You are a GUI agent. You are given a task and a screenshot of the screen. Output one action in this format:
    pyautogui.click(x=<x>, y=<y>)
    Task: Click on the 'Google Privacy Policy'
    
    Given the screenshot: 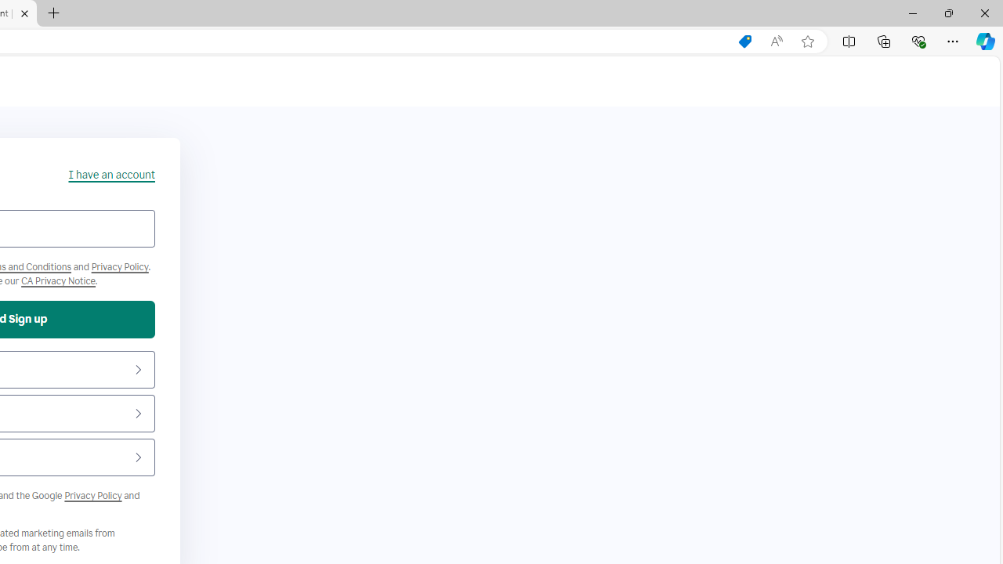 What is the action you would take?
    pyautogui.click(x=92, y=495)
    